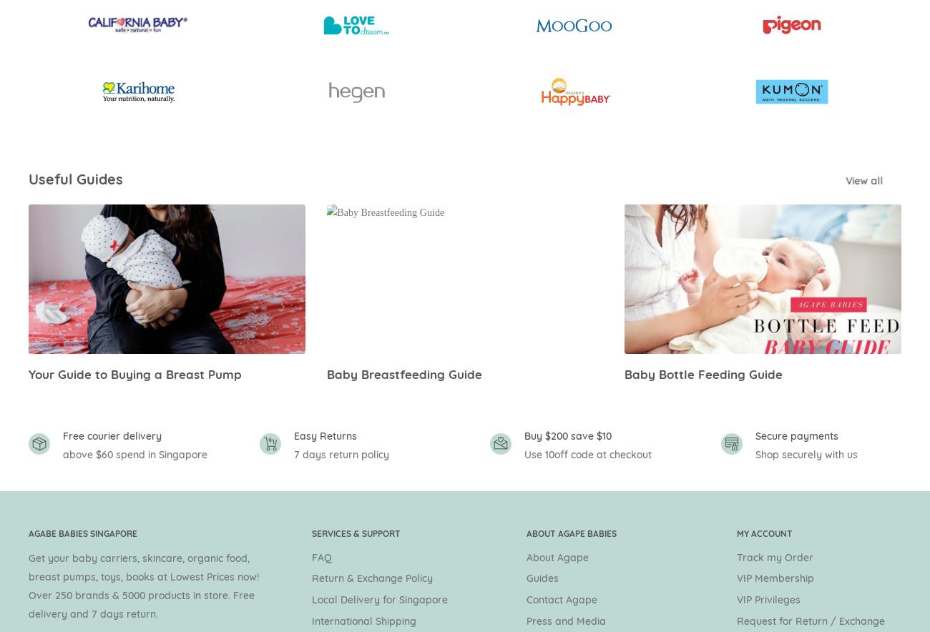 The image size is (930, 632). What do you see at coordinates (28, 373) in the screenshot?
I see `'Your Guide to Buying a Breast Pump'` at bounding box center [28, 373].